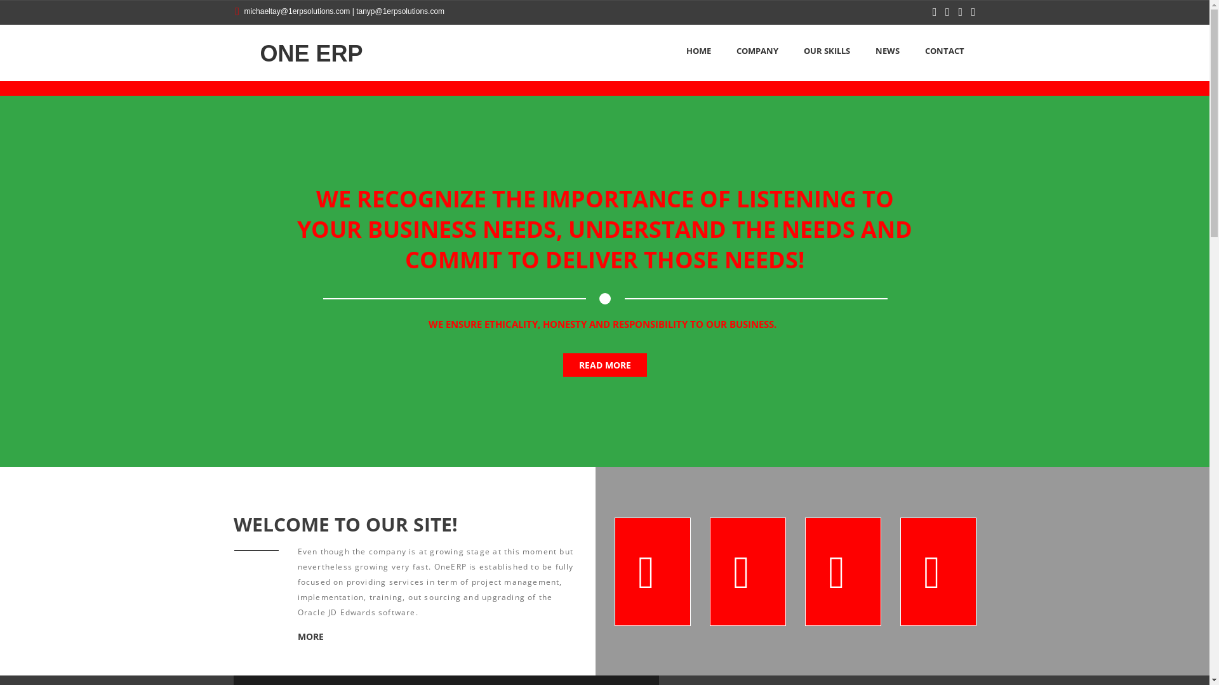  What do you see at coordinates (356, 11) in the screenshot?
I see `'tanyp@1erpsolutions.com'` at bounding box center [356, 11].